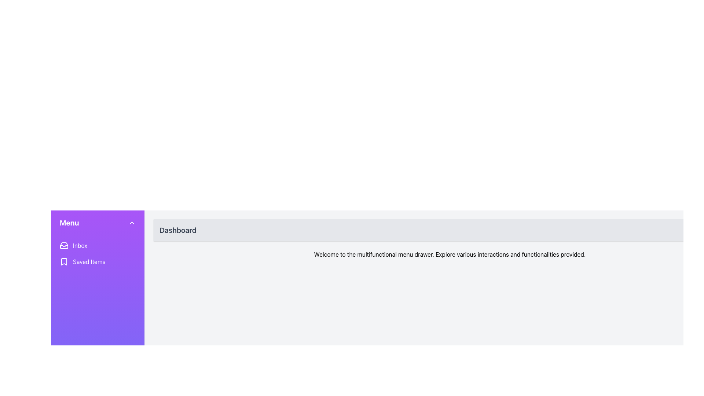 The image size is (704, 396). What do you see at coordinates (64, 246) in the screenshot?
I see `the 'Inbox' icon, which is the first icon in the vertical list on the left side of the interface` at bounding box center [64, 246].